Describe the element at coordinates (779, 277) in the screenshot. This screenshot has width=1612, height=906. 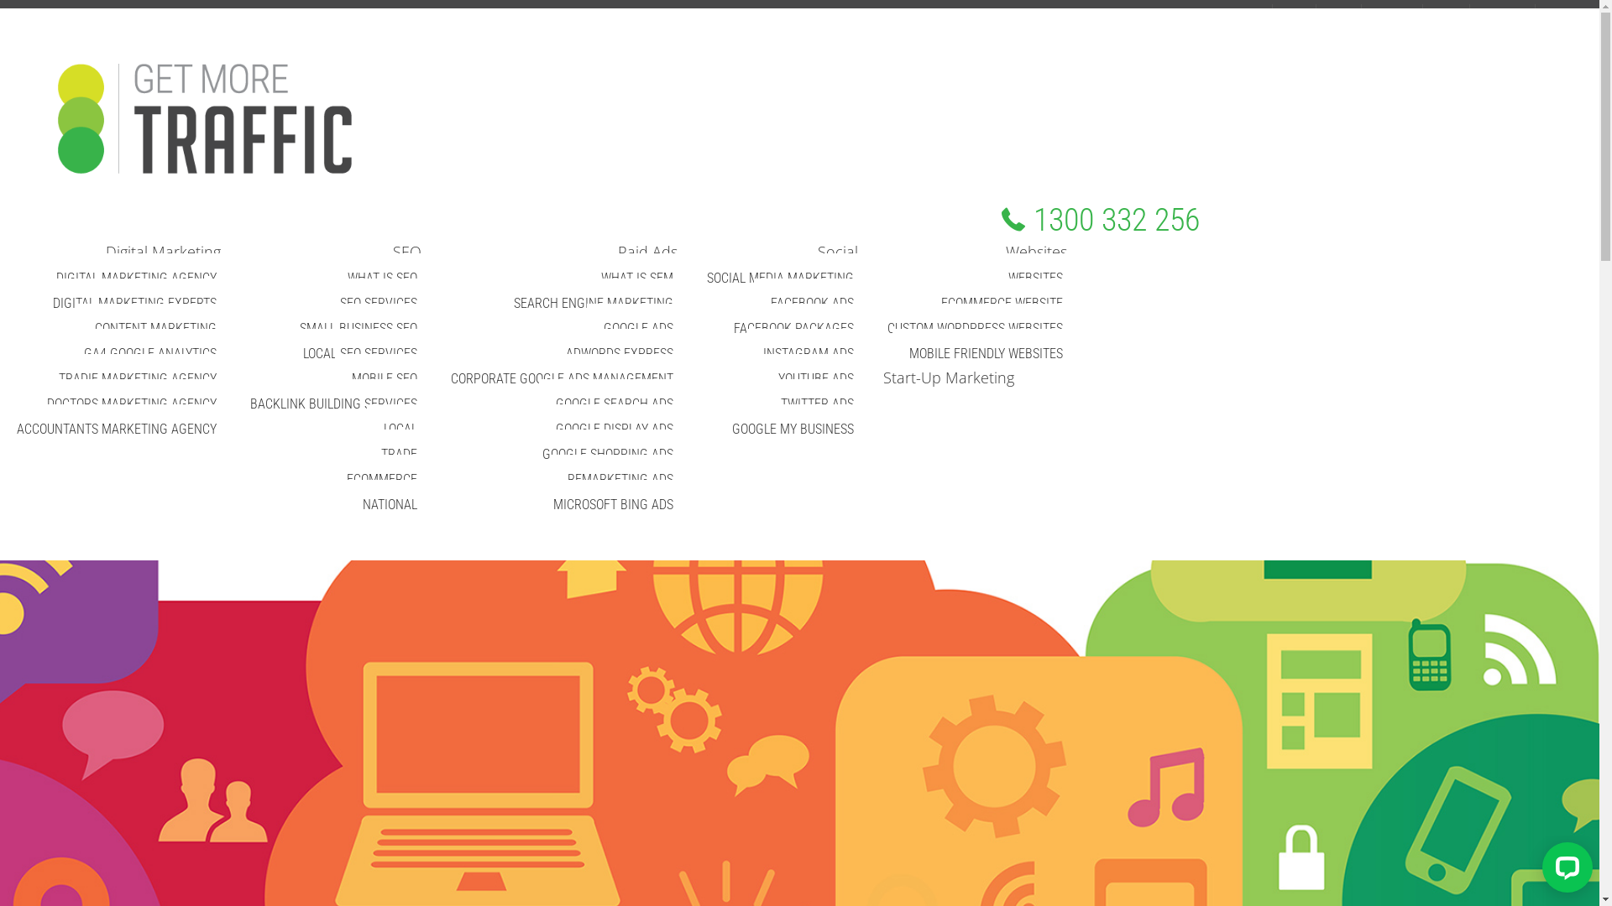
I see `'SOCIAL MEDIA MARKETING'` at that location.